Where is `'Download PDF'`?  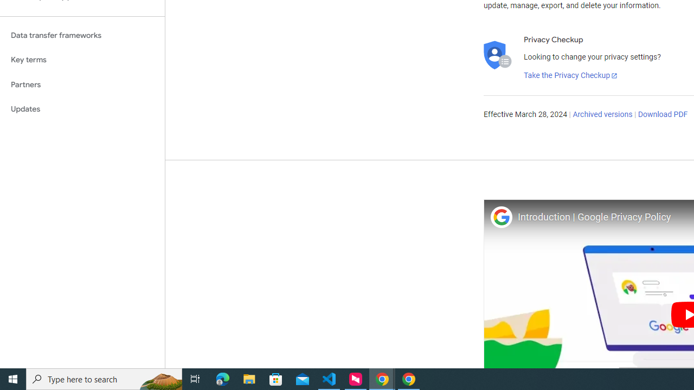 'Download PDF' is located at coordinates (662, 115).